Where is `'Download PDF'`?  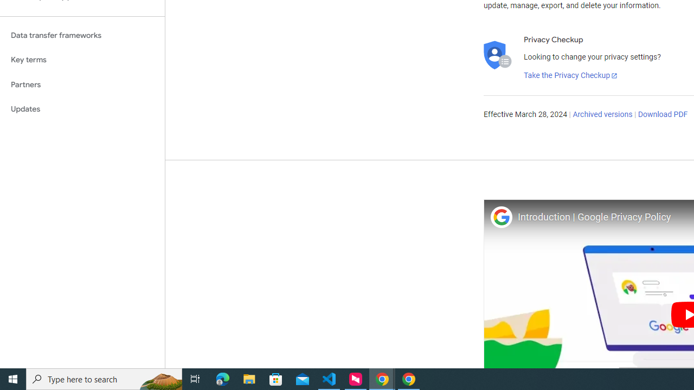 'Download PDF' is located at coordinates (662, 115).